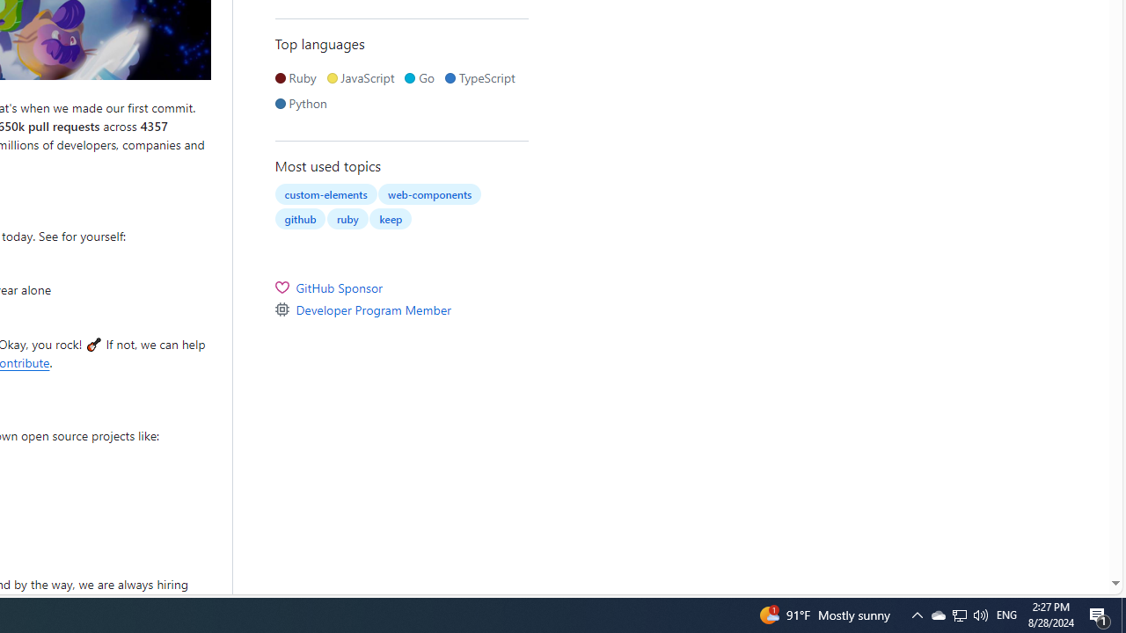 The image size is (1126, 633). Describe the element at coordinates (429, 194) in the screenshot. I see `'web-components'` at that location.